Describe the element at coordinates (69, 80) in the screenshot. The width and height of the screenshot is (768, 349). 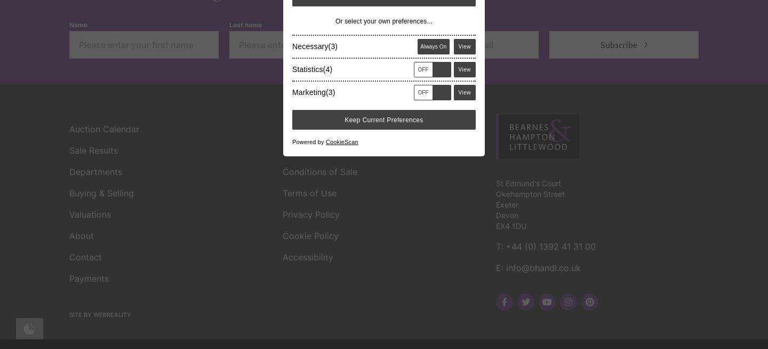
I see `'About'` at that location.